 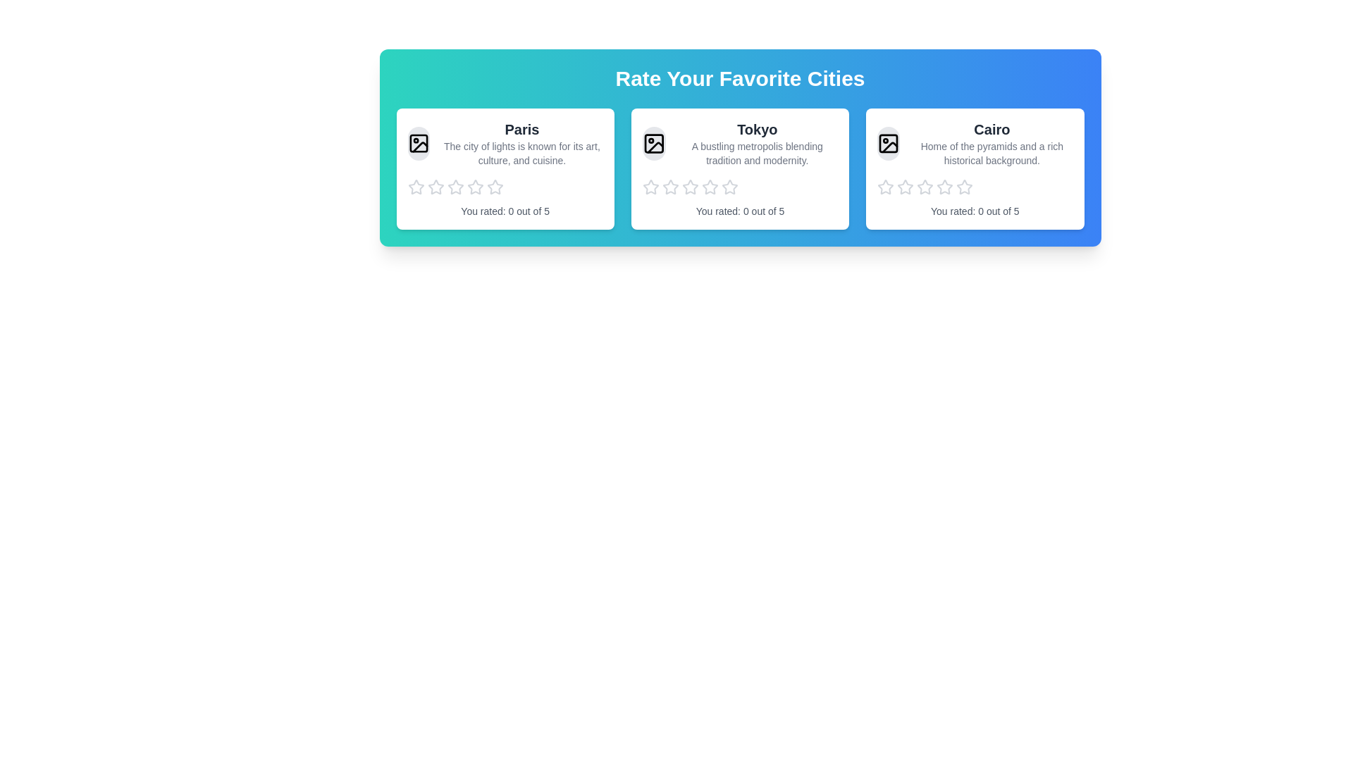 I want to click on the descriptive text label located within the leftmost card below the heading 'Paris' and above the star icons for rating, so click(x=521, y=154).